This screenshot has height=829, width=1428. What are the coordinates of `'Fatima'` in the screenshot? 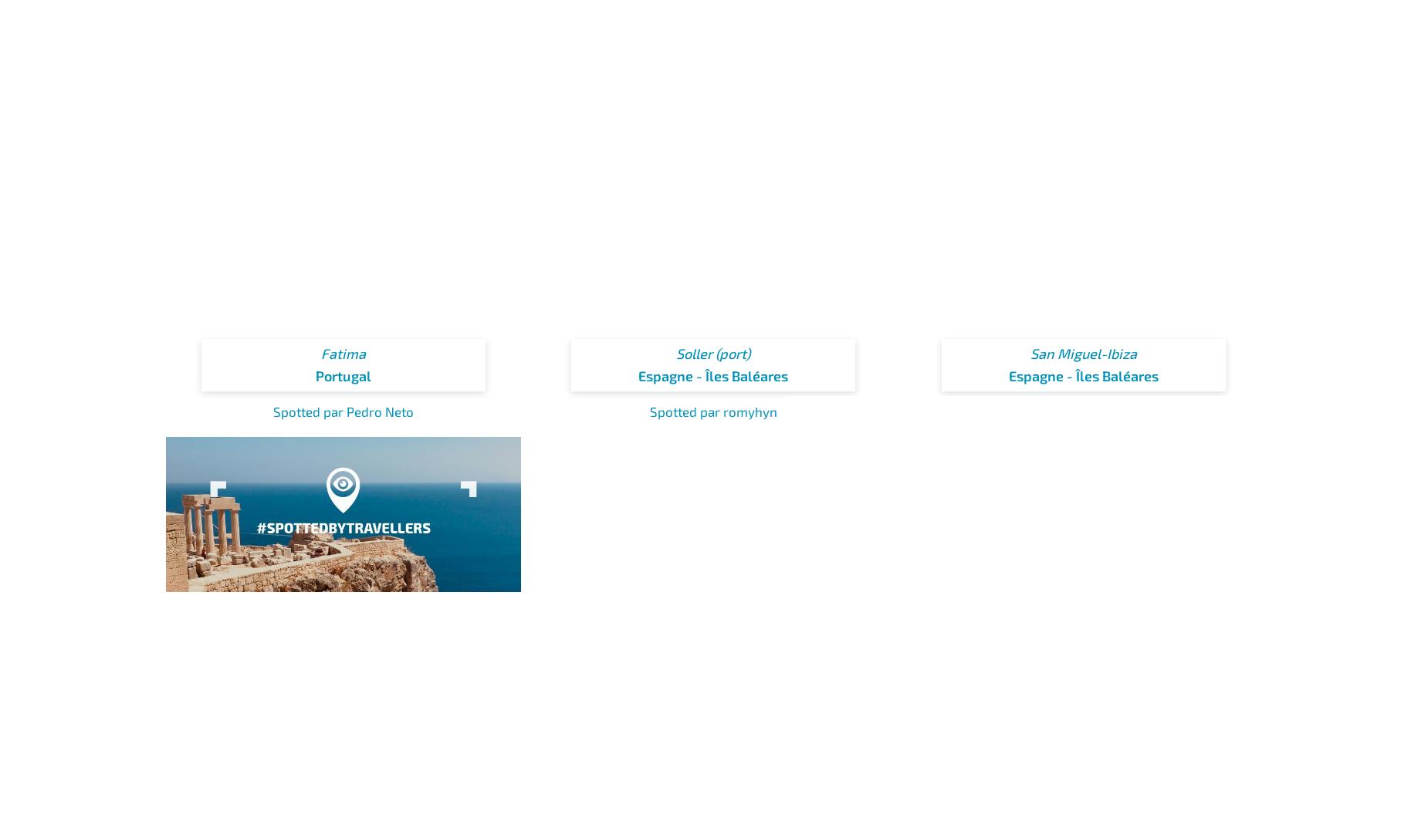 It's located at (319, 352).